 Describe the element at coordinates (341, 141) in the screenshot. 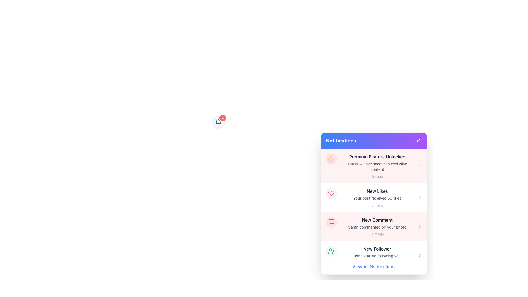

I see `the 'Notifications' text label, which is styled as bold, large-sized white text on a blue to purple gradient background, located in the top-left corner of the notification panel` at that location.